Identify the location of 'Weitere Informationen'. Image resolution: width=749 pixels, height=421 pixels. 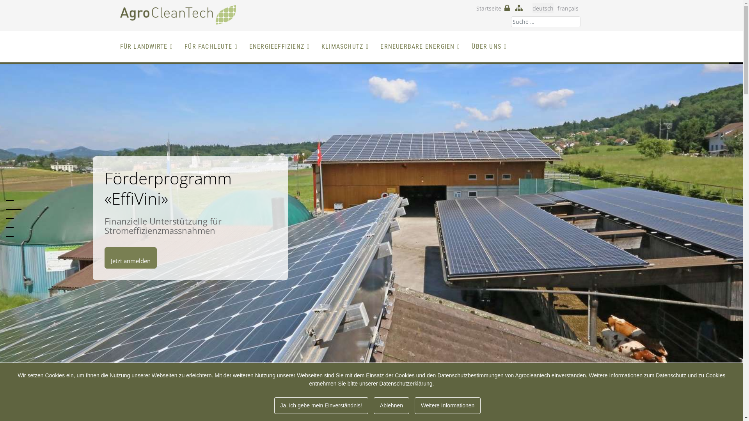
(447, 405).